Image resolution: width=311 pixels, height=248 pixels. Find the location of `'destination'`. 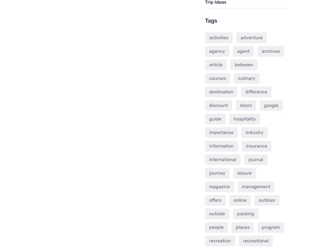

'destination' is located at coordinates (221, 91).